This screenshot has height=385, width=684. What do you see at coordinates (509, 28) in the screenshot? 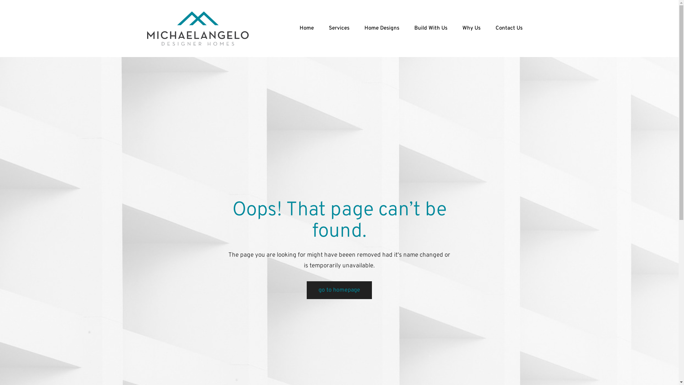
I see `'Contact Us'` at bounding box center [509, 28].